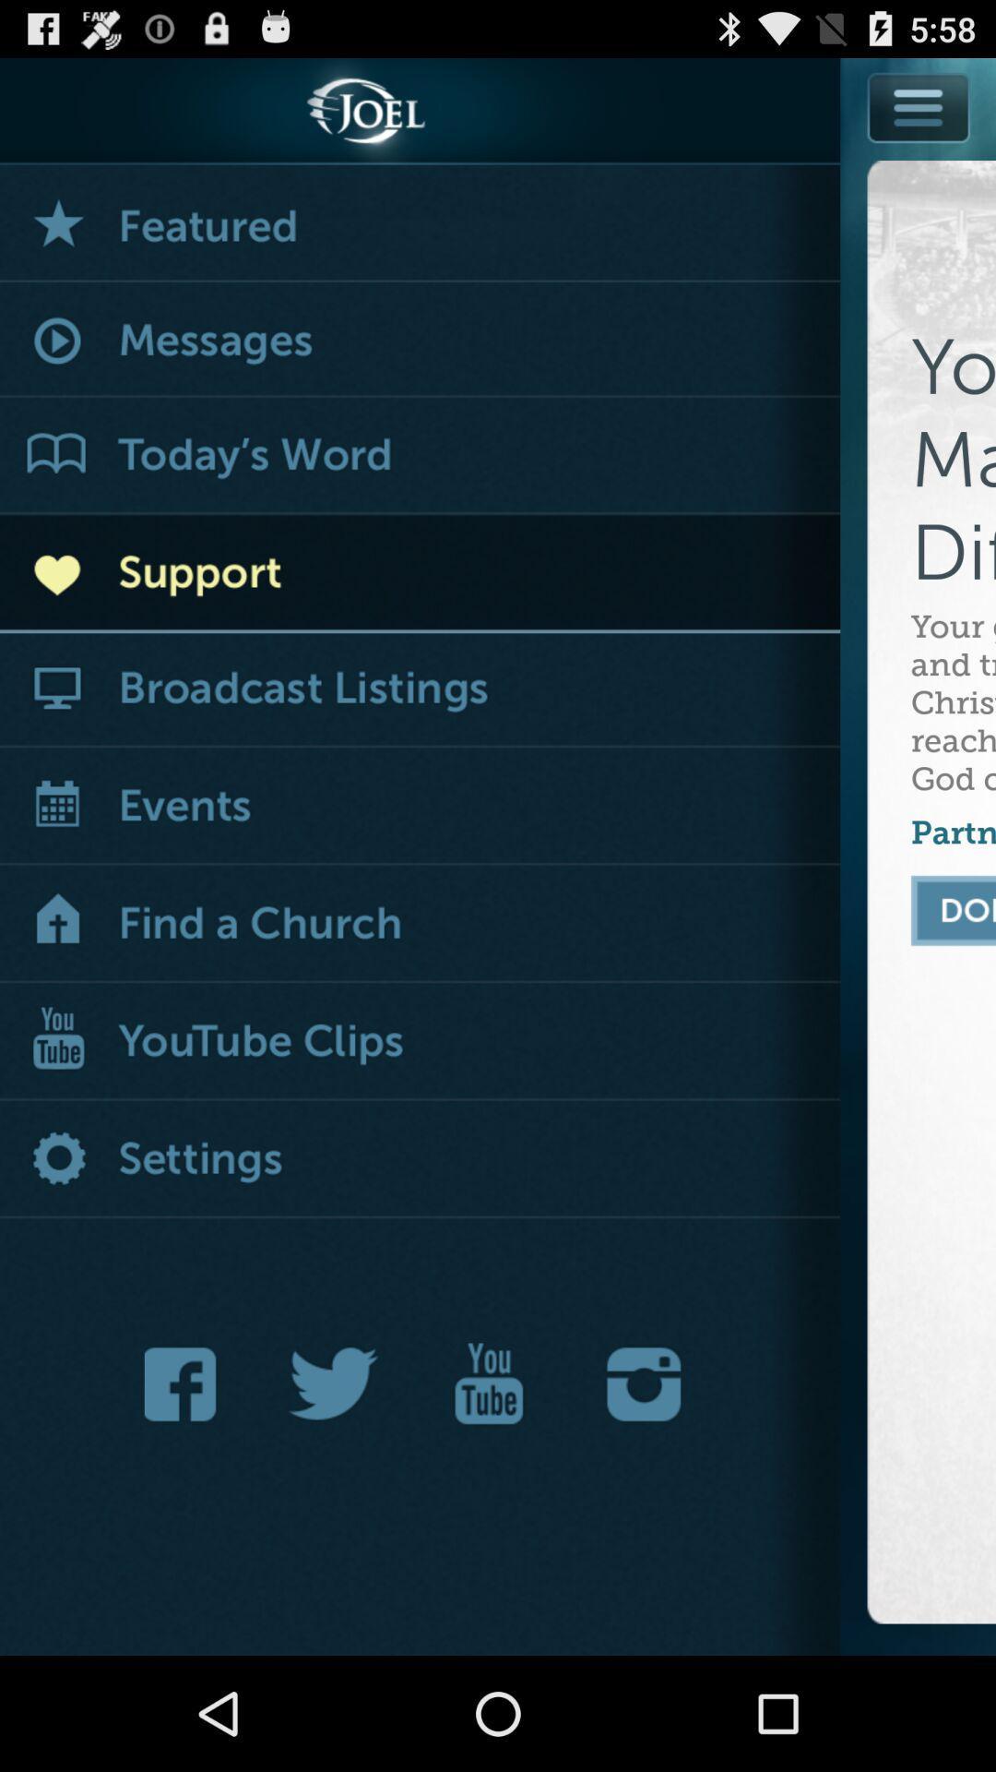  What do you see at coordinates (334, 1383) in the screenshot?
I see `share on twitter` at bounding box center [334, 1383].